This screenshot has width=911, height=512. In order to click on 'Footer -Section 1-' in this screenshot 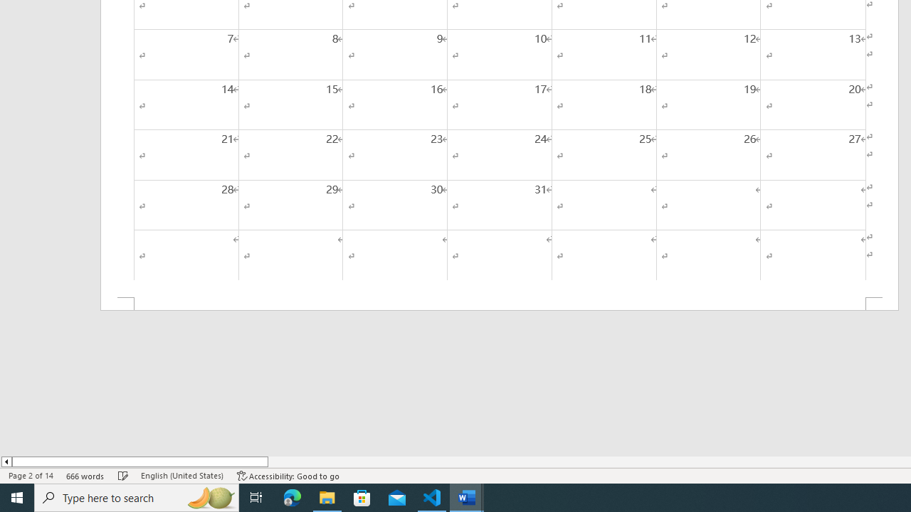, I will do `click(500, 303)`.